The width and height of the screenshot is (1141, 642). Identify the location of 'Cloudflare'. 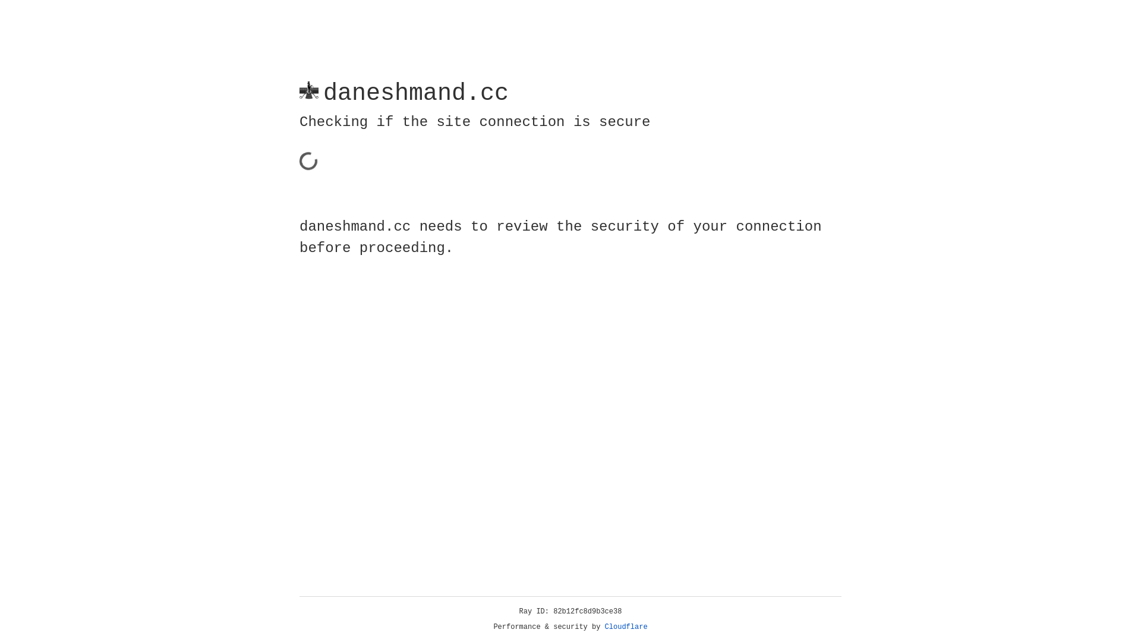
(626, 627).